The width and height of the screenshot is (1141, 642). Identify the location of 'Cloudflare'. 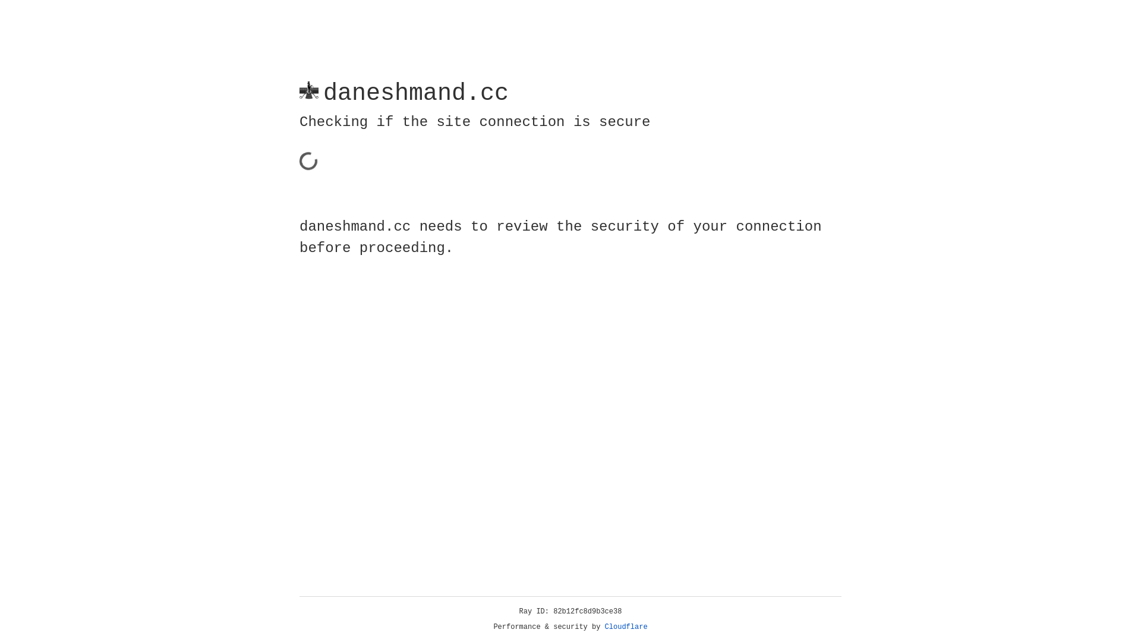
(626, 627).